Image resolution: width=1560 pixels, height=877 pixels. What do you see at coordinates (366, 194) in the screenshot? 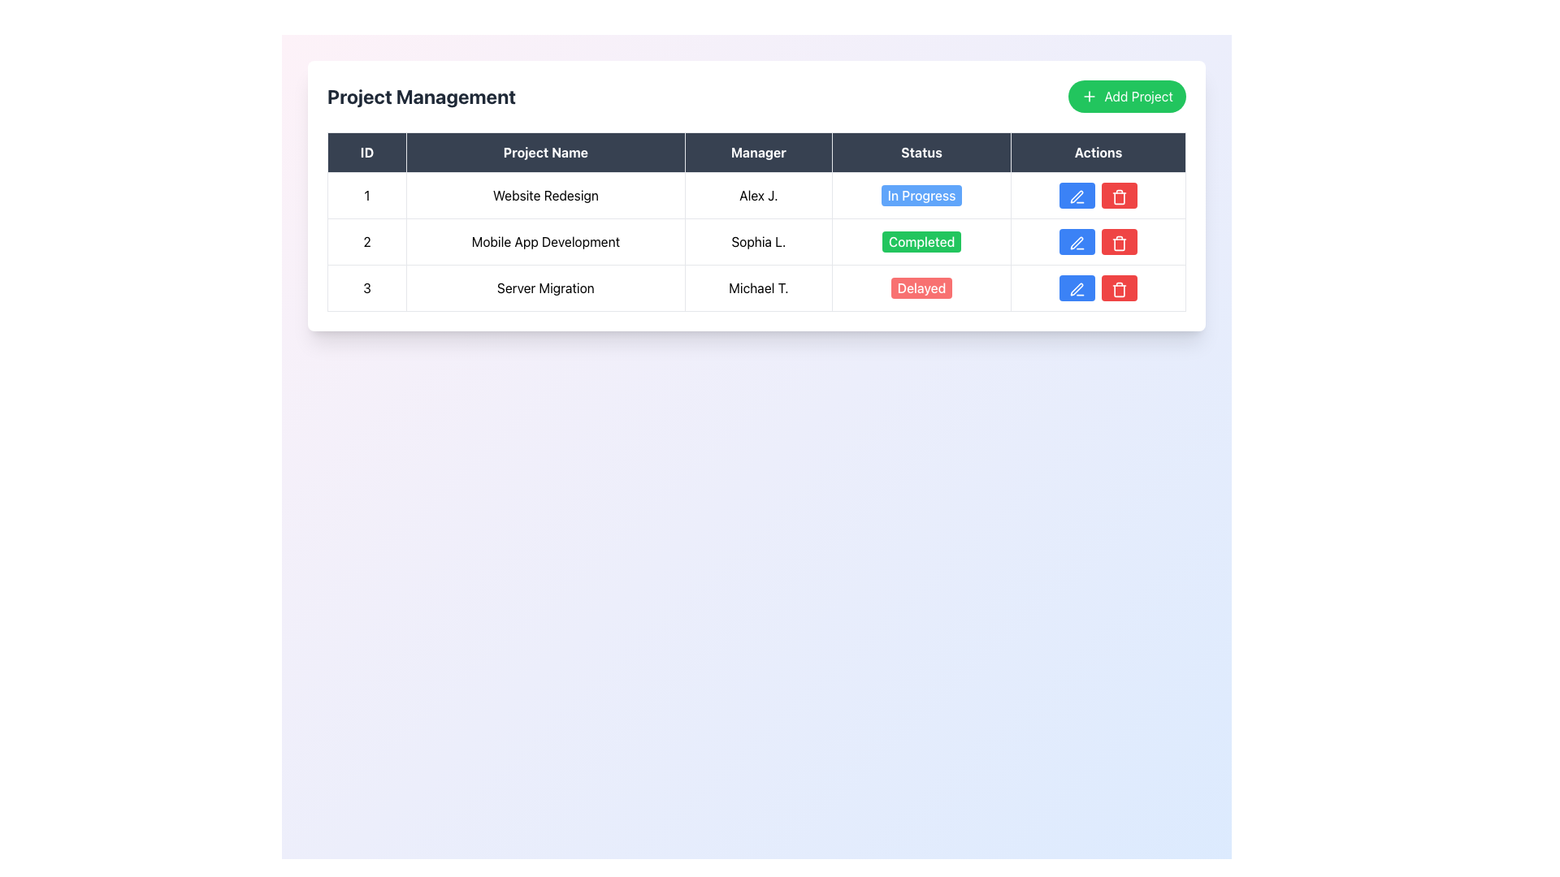
I see `the Text Cell in the first row under the 'ID' column, which displays the unique identifier for the project` at bounding box center [366, 194].